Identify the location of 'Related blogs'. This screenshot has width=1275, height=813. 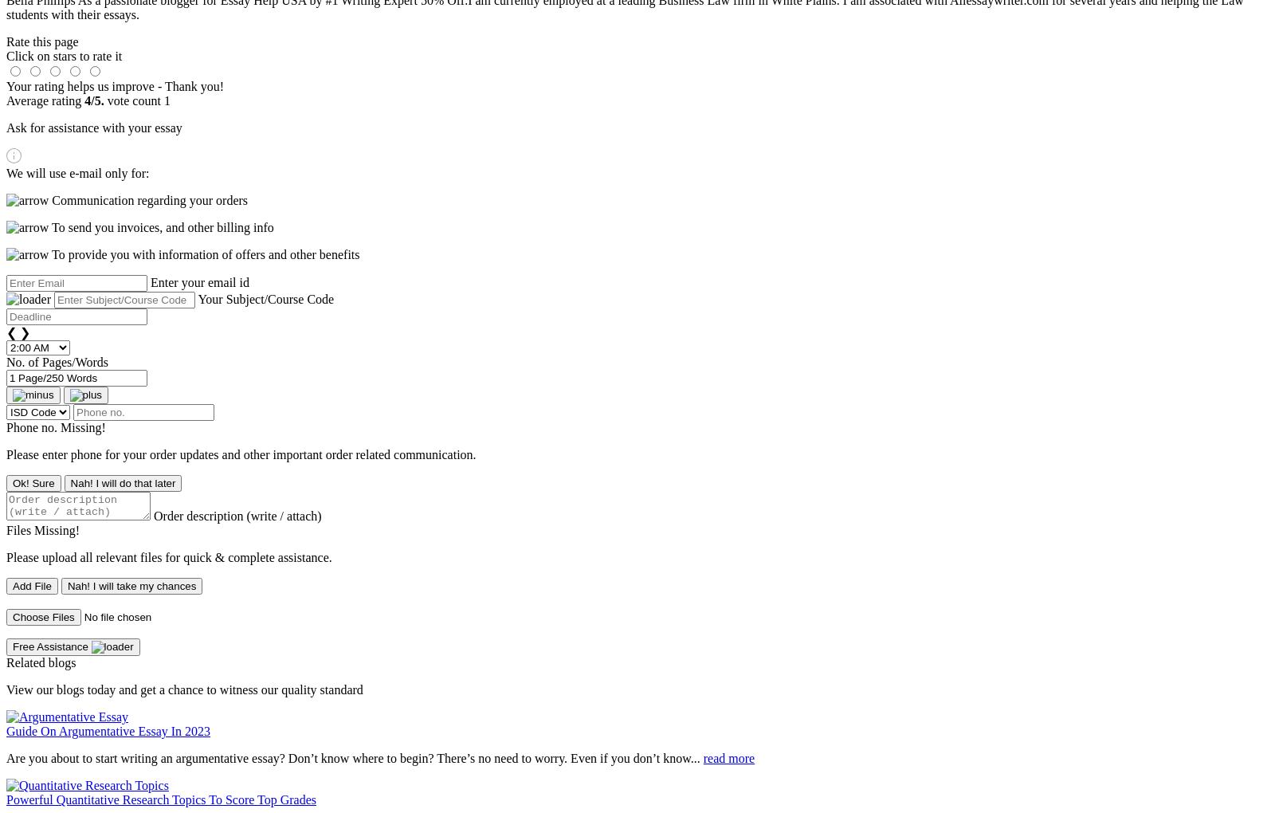
(40, 662).